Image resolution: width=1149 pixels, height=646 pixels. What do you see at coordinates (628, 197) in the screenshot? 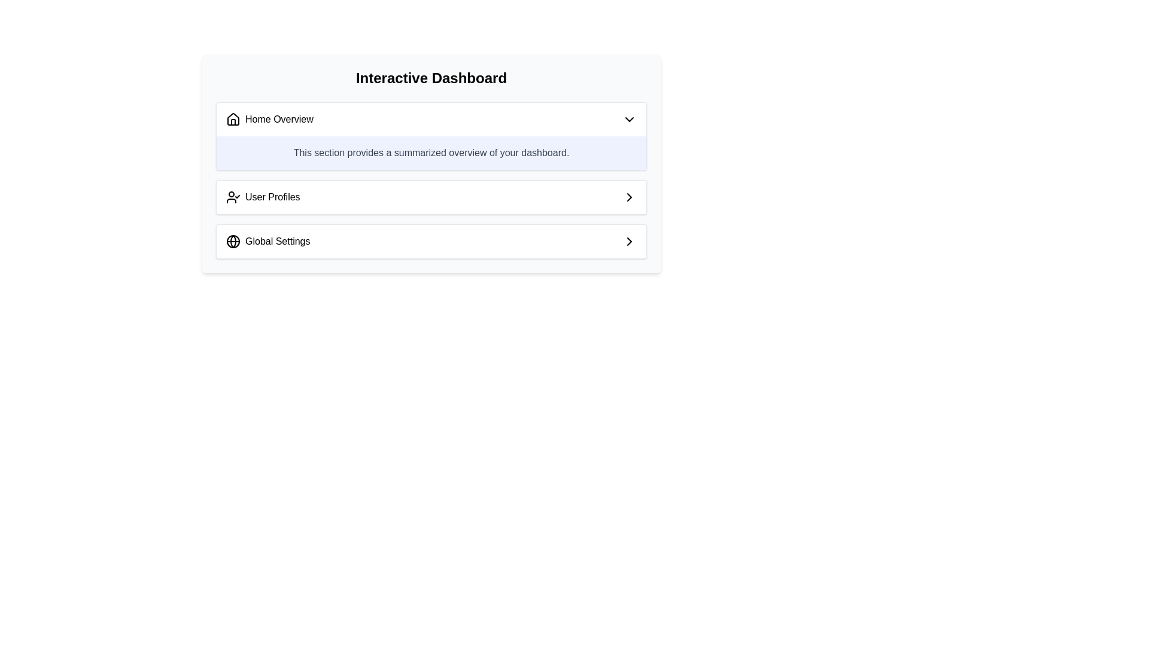
I see `the icon located on the right side of the 'User Profiles' section row` at bounding box center [628, 197].